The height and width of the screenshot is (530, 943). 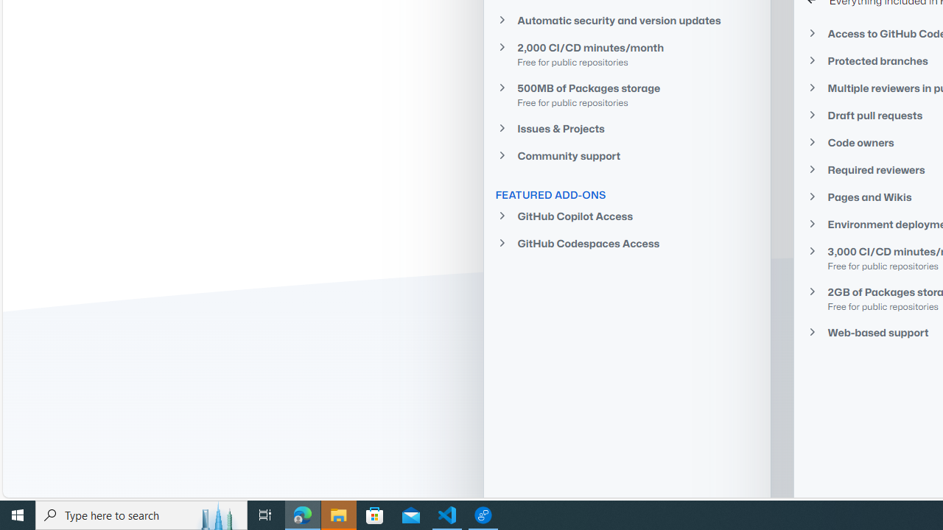 I want to click on 'GitHub Copilot Access', so click(x=627, y=216).